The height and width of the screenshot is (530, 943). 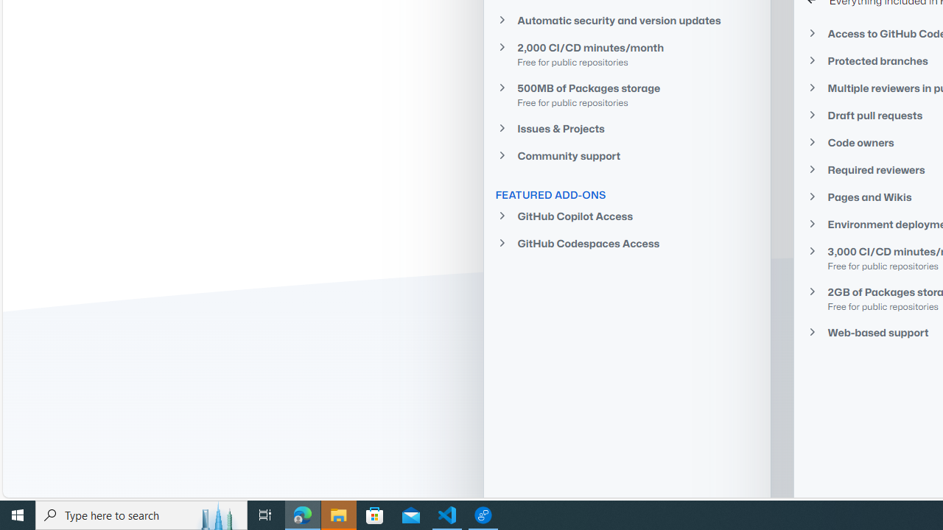 I want to click on 'GitHub Copilot Access', so click(x=627, y=216).